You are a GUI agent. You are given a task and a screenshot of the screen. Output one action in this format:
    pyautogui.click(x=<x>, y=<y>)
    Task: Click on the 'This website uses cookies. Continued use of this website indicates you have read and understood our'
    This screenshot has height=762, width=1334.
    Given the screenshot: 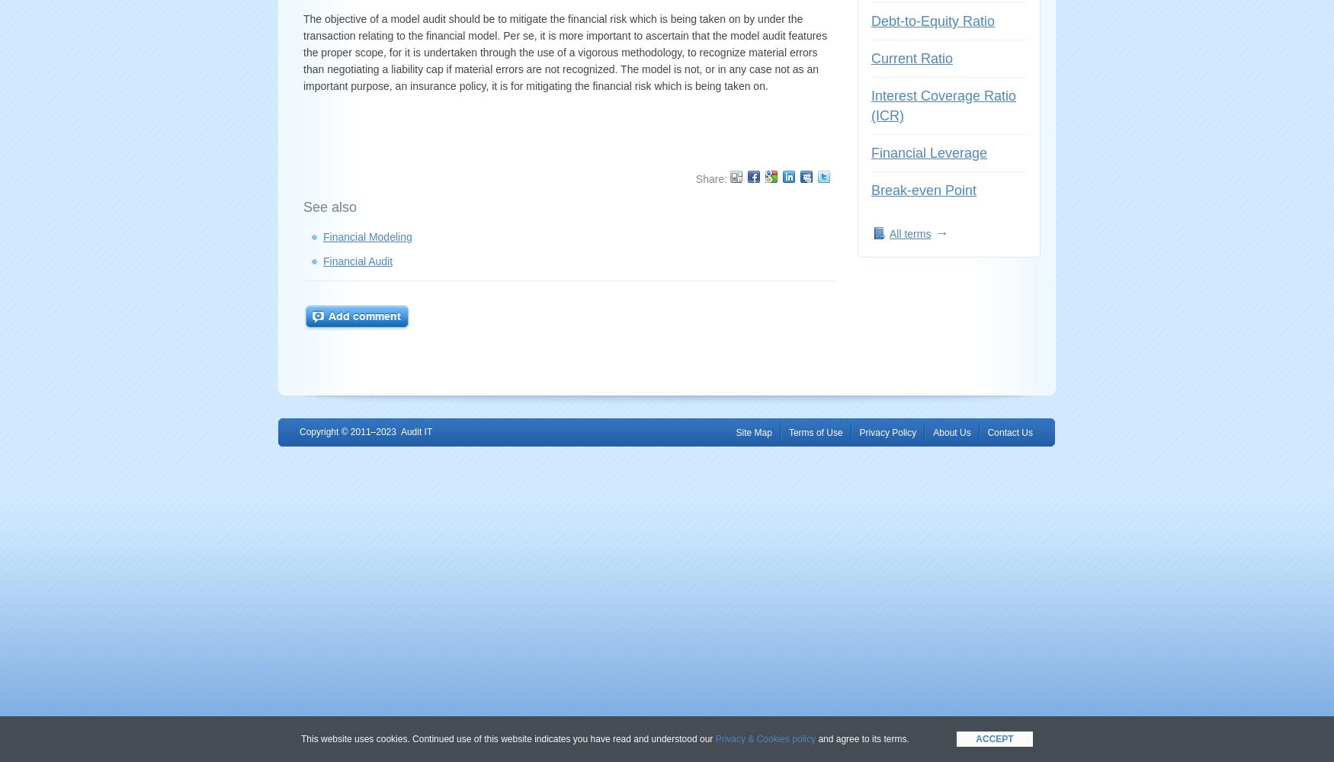 What is the action you would take?
    pyautogui.click(x=300, y=738)
    